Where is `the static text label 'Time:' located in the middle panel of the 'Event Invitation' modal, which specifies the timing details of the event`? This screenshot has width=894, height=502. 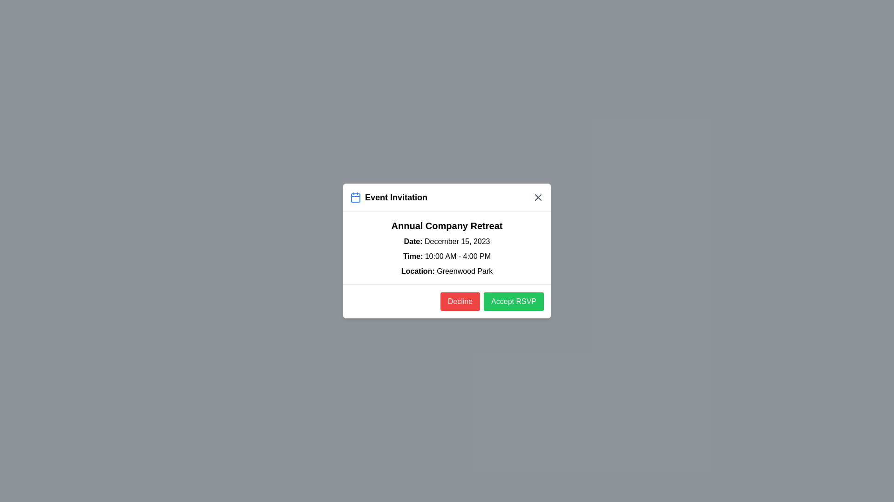 the static text label 'Time:' located in the middle panel of the 'Event Invitation' modal, which specifies the timing details of the event is located at coordinates (413, 256).